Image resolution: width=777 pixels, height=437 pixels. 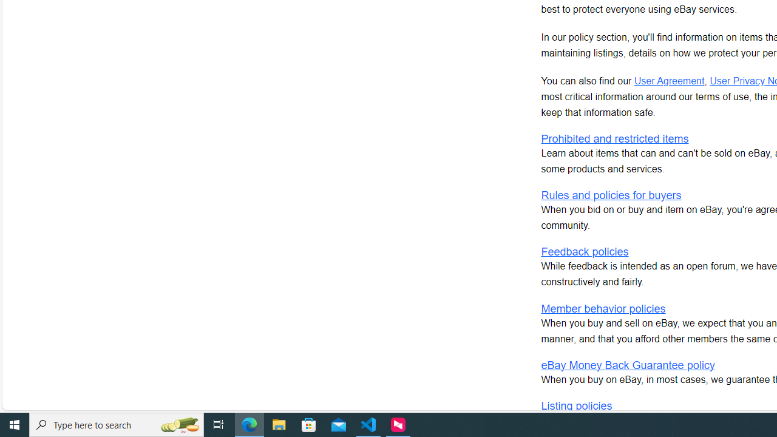 What do you see at coordinates (615, 138) in the screenshot?
I see `'Prohibited and restricted items'` at bounding box center [615, 138].